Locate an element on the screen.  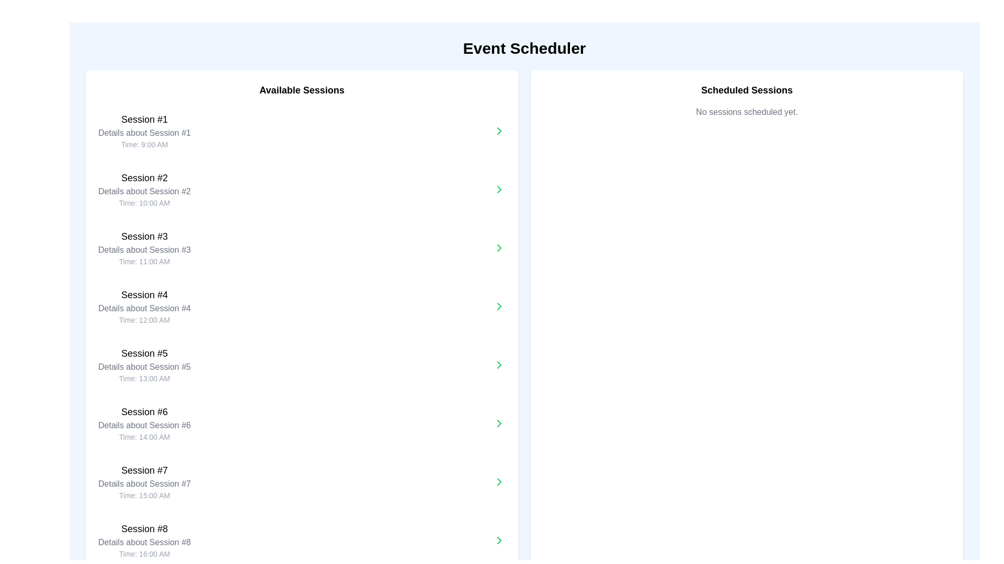
the Text Block that displays 'Session #5', which includes the header, subtext, and timestamp, positioned under 'Available Sessions' is located at coordinates (144, 364).